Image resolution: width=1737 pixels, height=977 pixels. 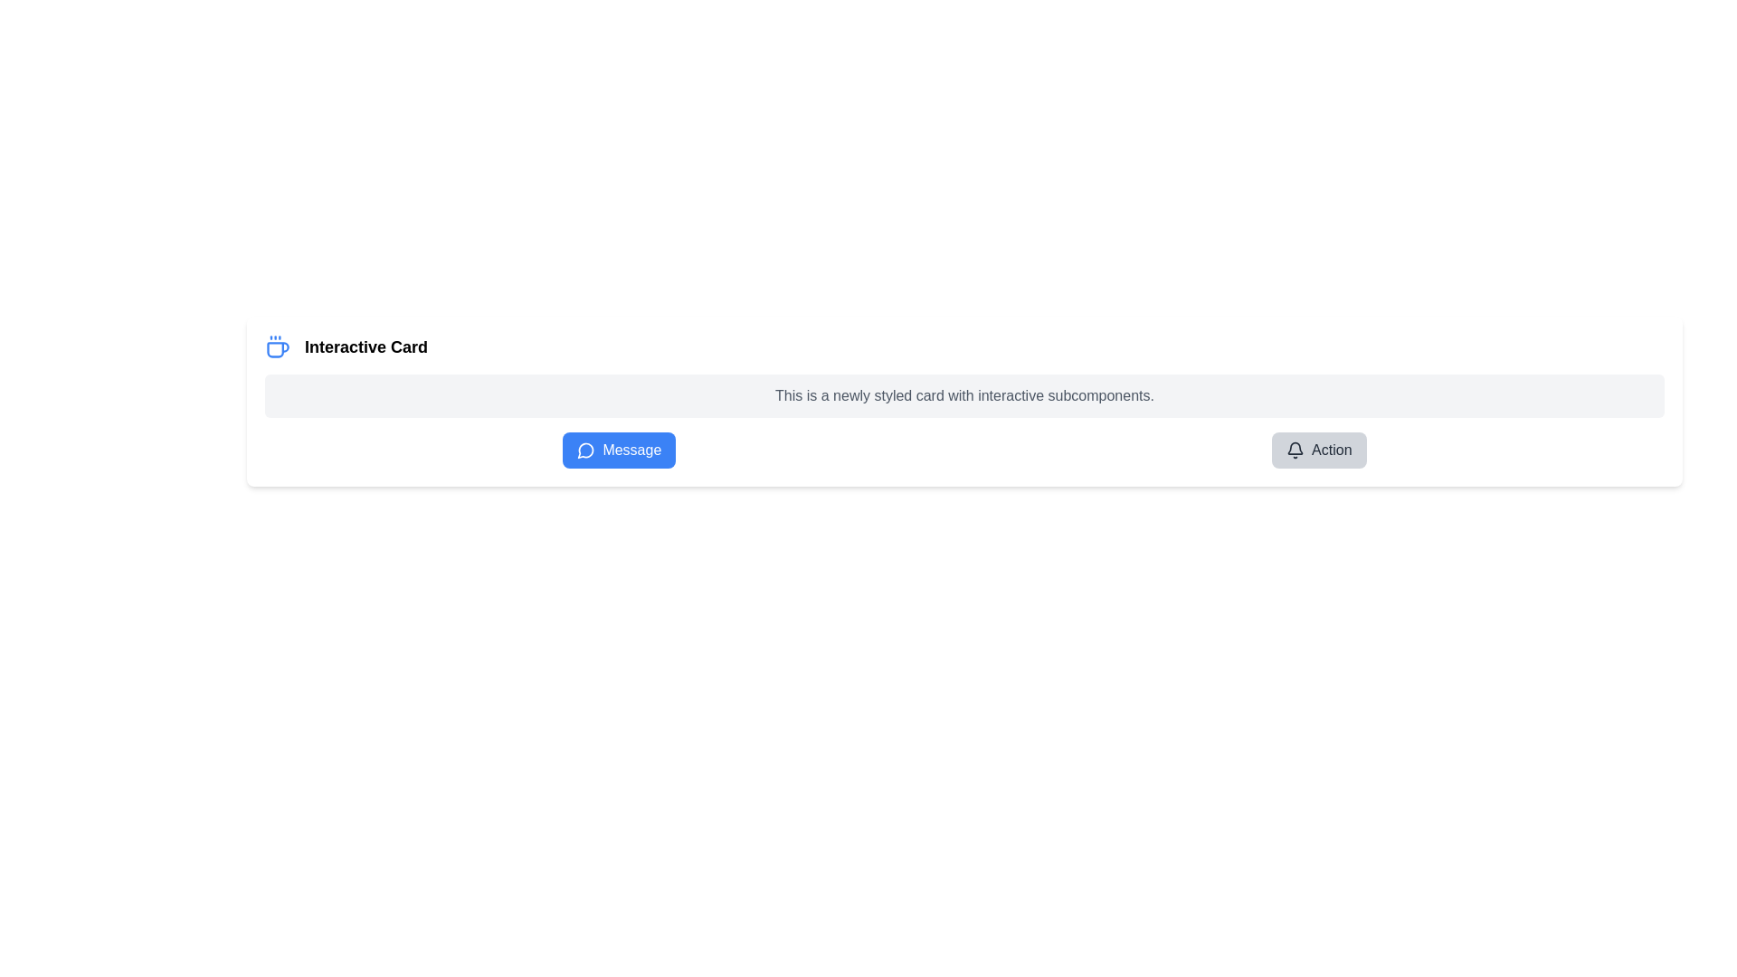 What do you see at coordinates (586, 449) in the screenshot?
I see `the blue rounded rectangle button labeled 'Message' that contains the circular blue and white speech bubble icon` at bounding box center [586, 449].